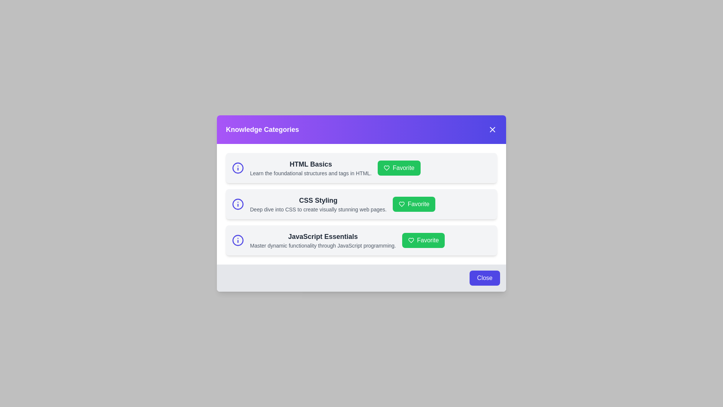 This screenshot has width=723, height=407. Describe the element at coordinates (401, 204) in the screenshot. I see `the center of the heart icon representing the 'favorite' action, which is located on the left side of the 'Favorite' button in the second row of the list of items` at that location.